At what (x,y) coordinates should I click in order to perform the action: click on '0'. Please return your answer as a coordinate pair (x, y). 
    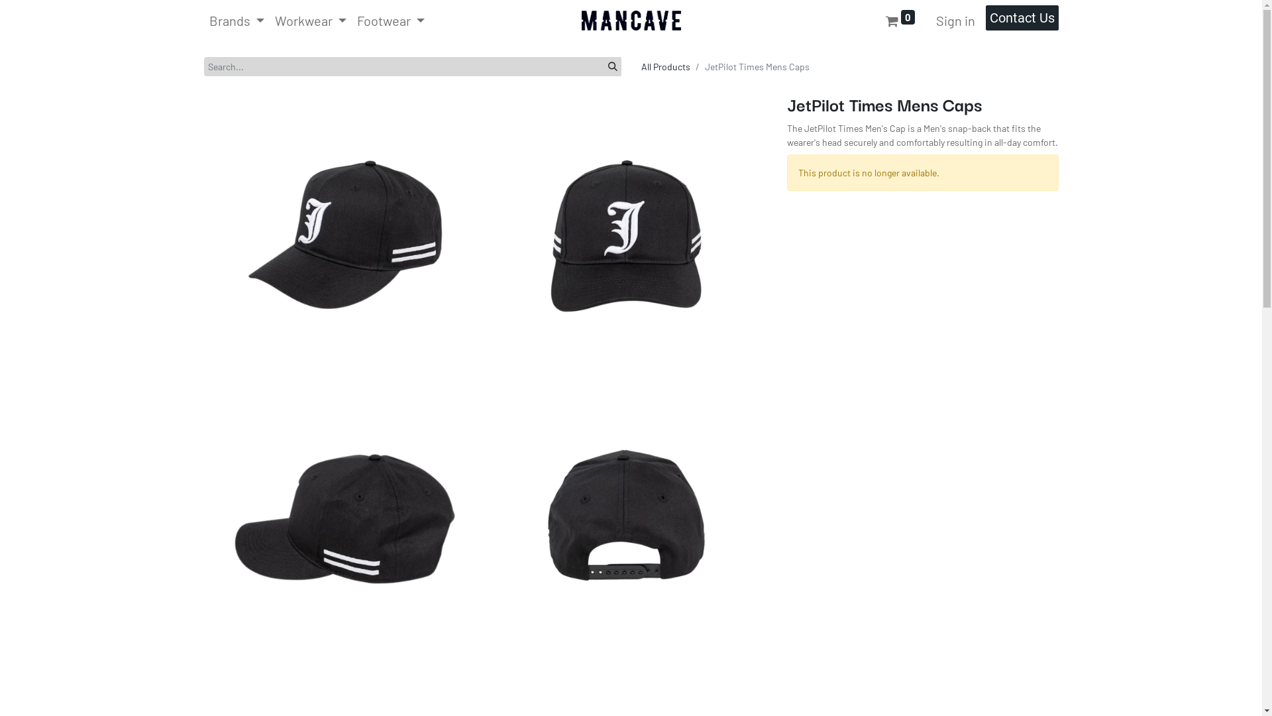
    Looking at the image, I should click on (900, 20).